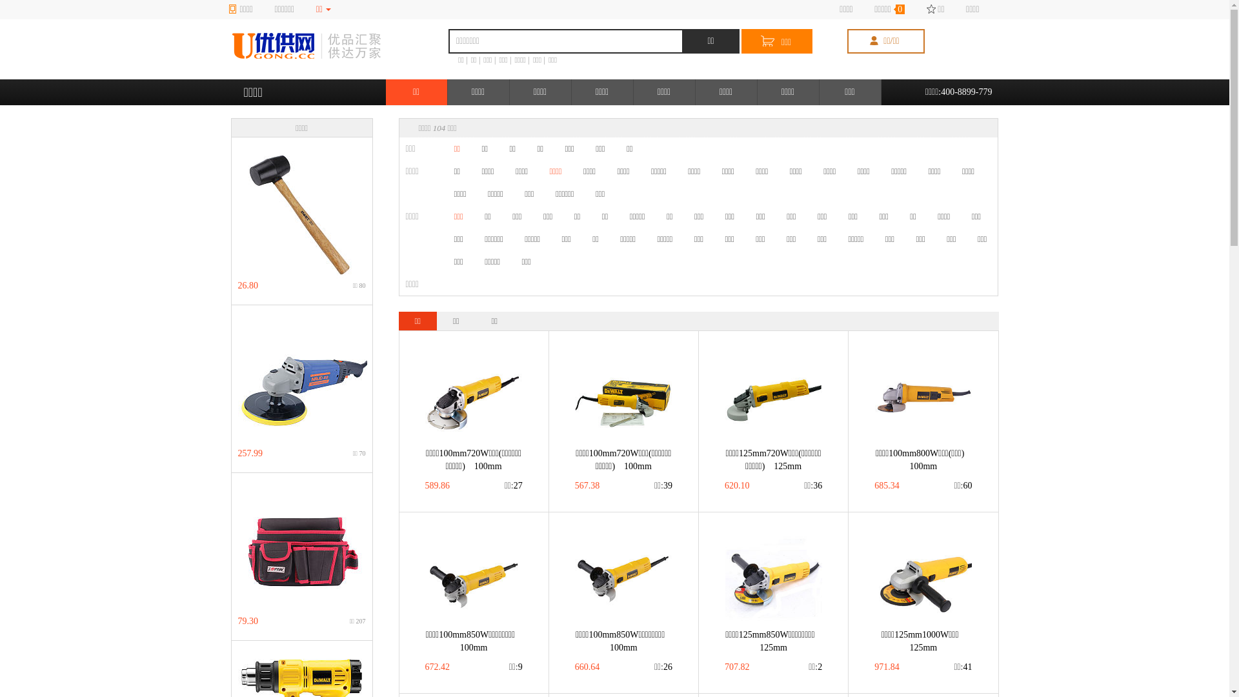  What do you see at coordinates (814, 667) in the screenshot?
I see `'2'` at bounding box center [814, 667].